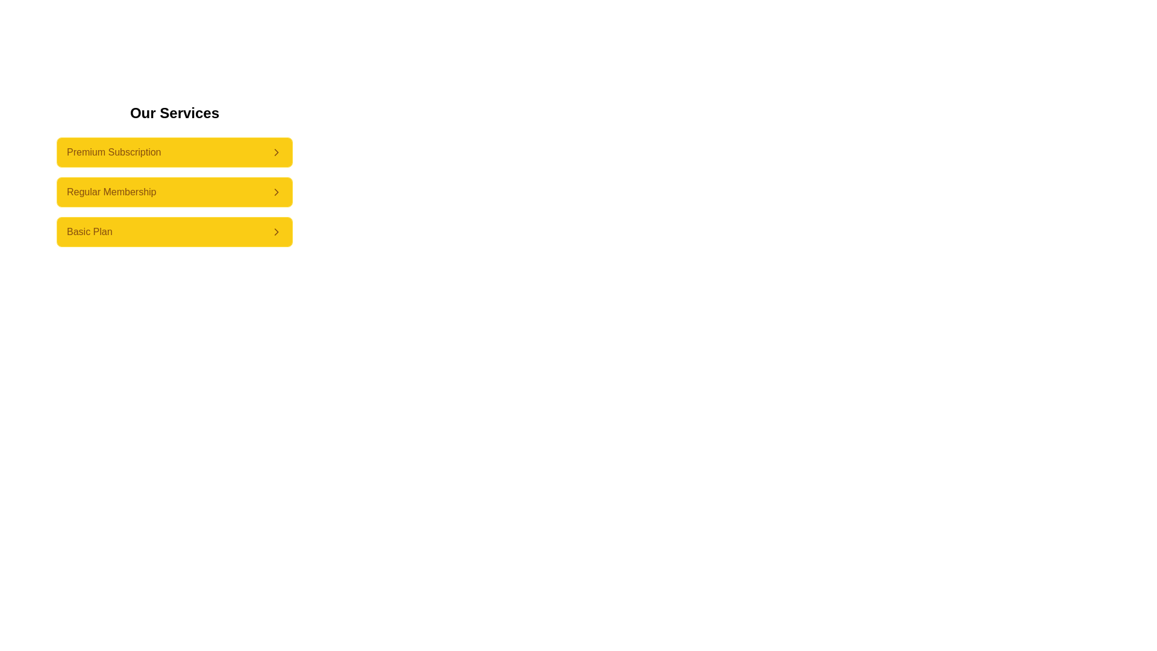  I want to click on the 'Regular Membership' button located in the middle of the vertically arranged list of three buttons under the 'Our Services' heading, so click(174, 175).